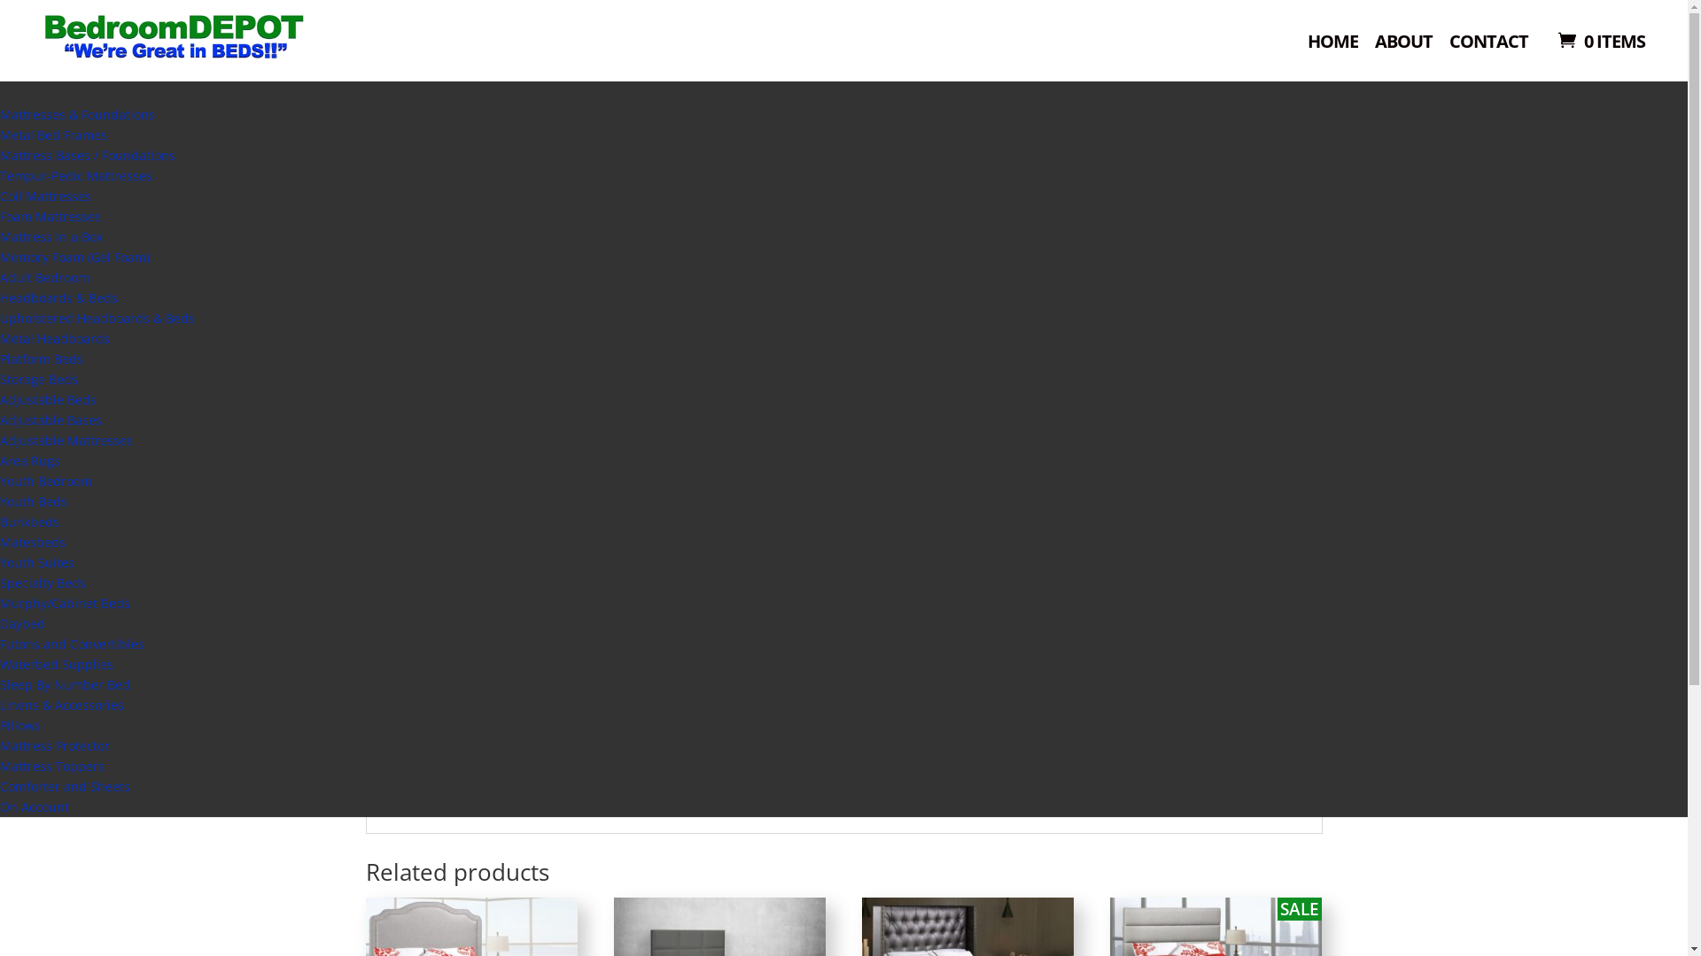  I want to click on 'Mattress Protector', so click(0, 745).